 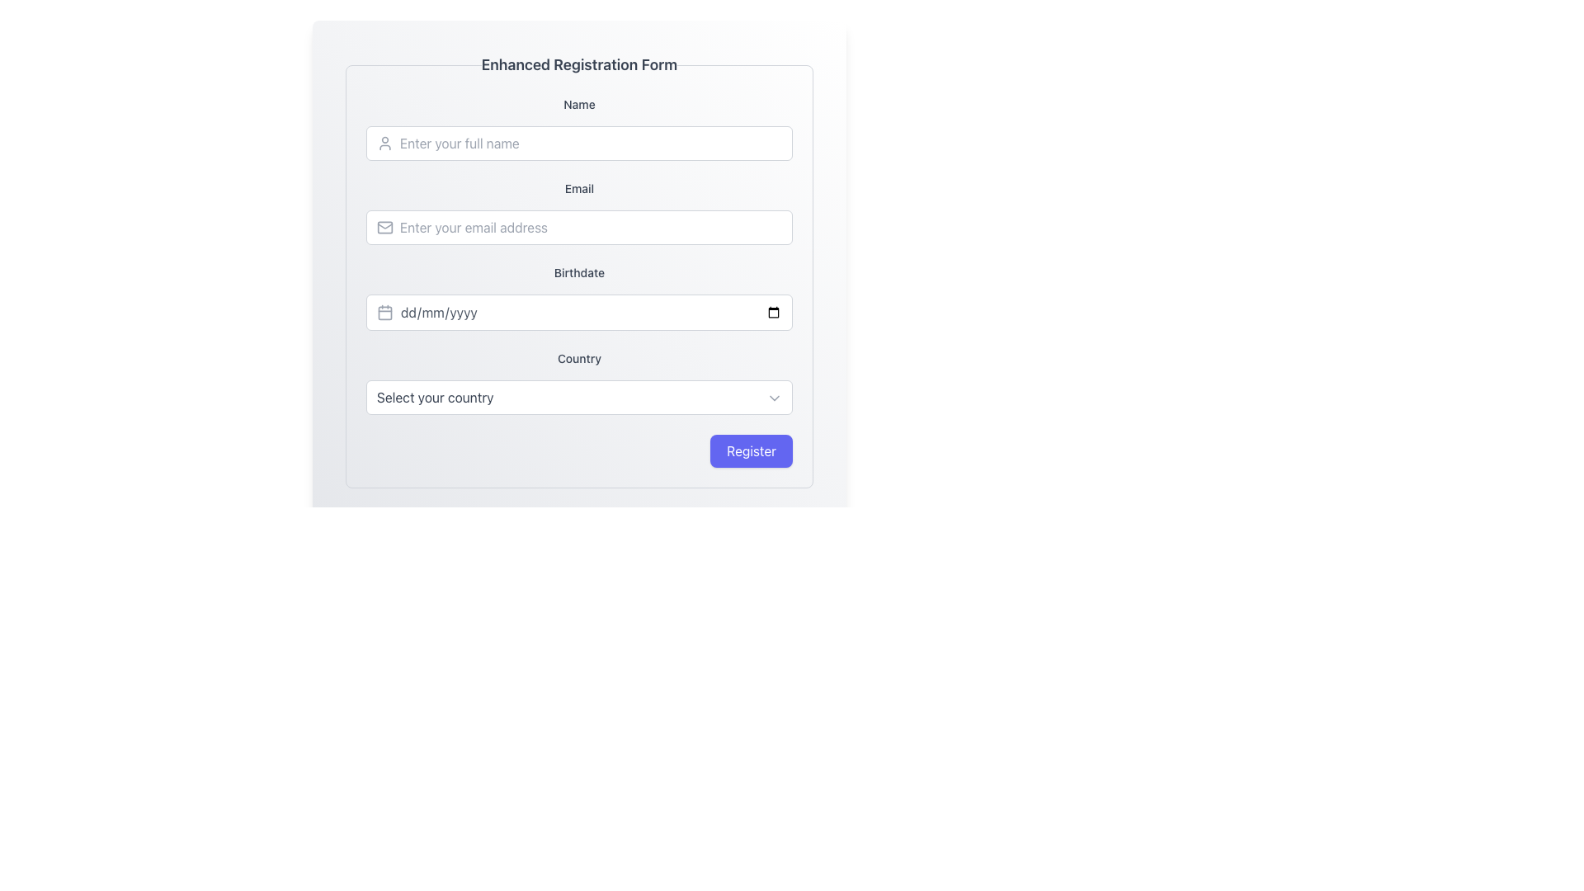 What do you see at coordinates (579, 272) in the screenshot?
I see `text of the label element that describes the expected input for the date input field, positioned between the Email field and the date input field` at bounding box center [579, 272].